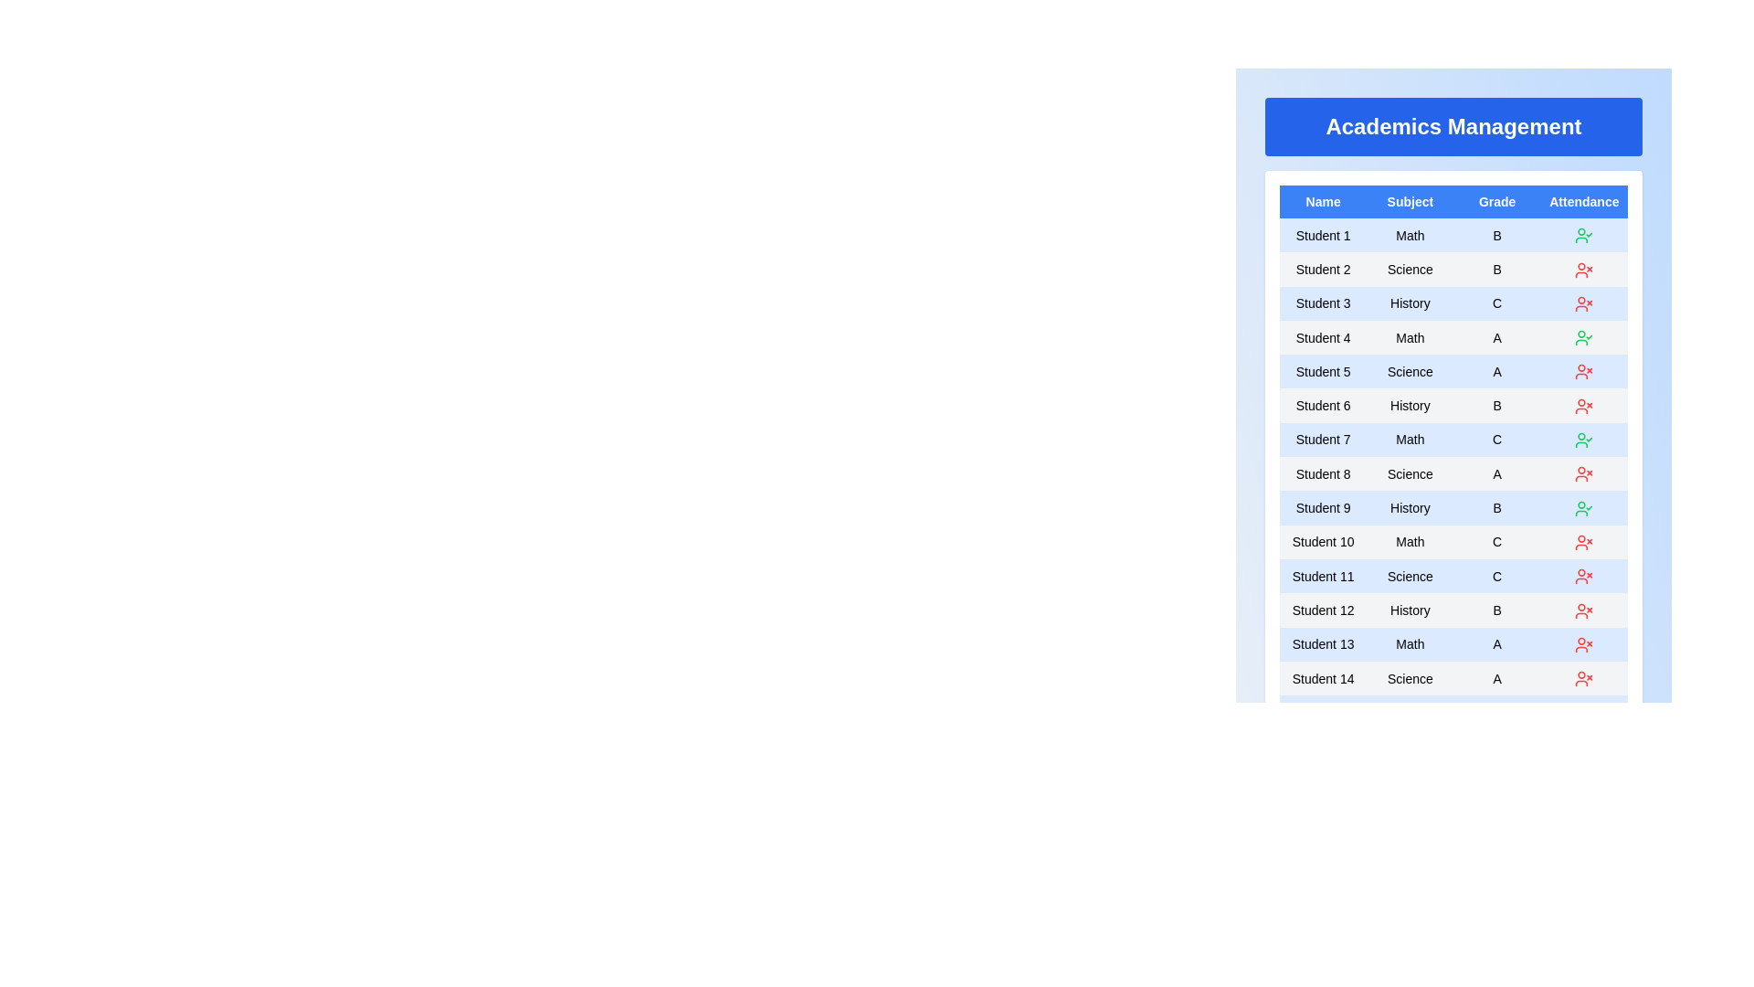 The image size is (1754, 987). Describe the element at coordinates (1497, 201) in the screenshot. I see `the column header Grade to sort the table by that column` at that location.